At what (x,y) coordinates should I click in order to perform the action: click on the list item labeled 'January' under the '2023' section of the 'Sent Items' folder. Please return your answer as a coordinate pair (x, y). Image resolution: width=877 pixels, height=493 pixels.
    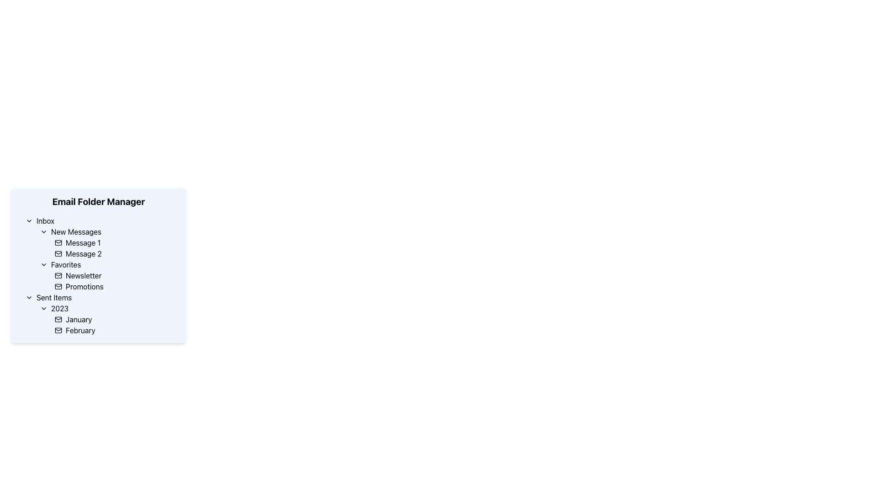
    Looking at the image, I should click on (102, 319).